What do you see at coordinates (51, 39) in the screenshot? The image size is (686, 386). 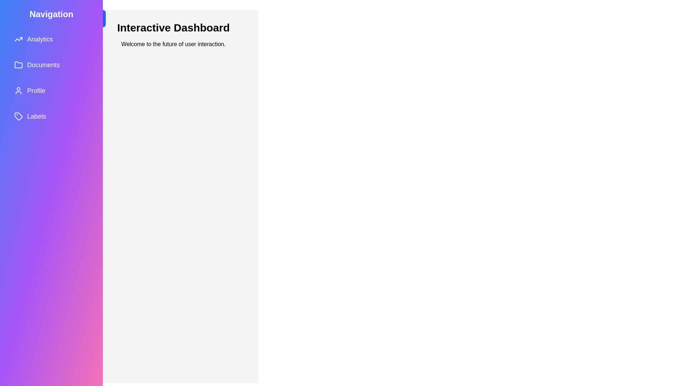 I see `the navigation item Analytics in the drawer` at bounding box center [51, 39].